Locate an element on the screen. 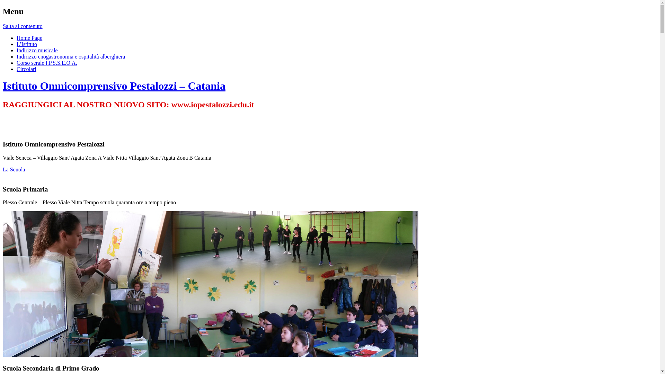  'La Scuola' is located at coordinates (14, 169).